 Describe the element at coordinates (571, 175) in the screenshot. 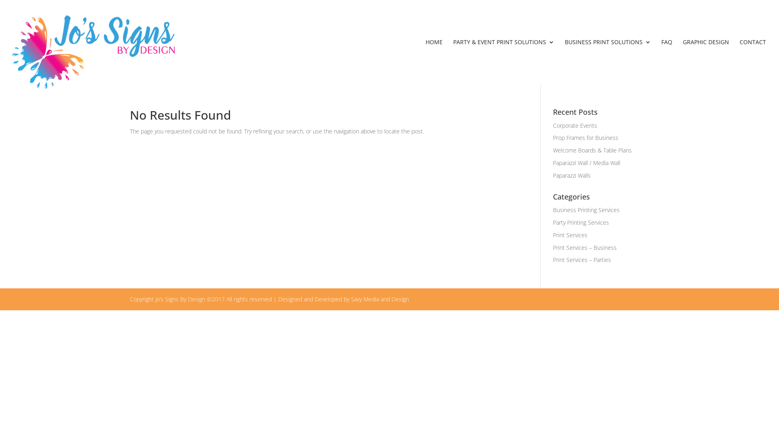

I see `'Paparazzi Walls'` at that location.